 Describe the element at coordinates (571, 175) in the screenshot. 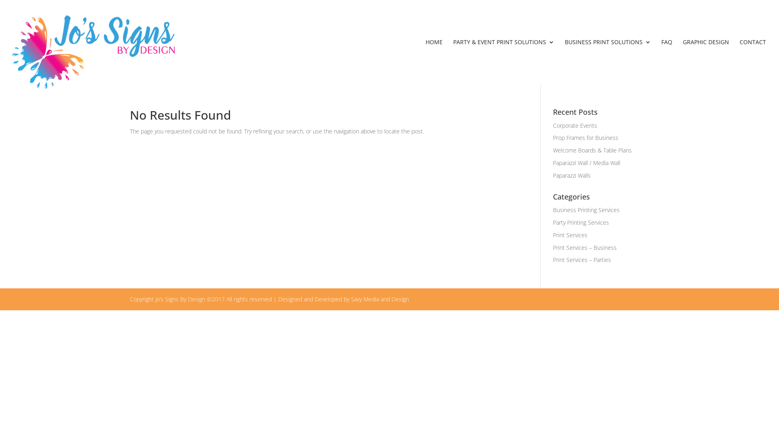

I see `'Paparazzi Walls'` at that location.